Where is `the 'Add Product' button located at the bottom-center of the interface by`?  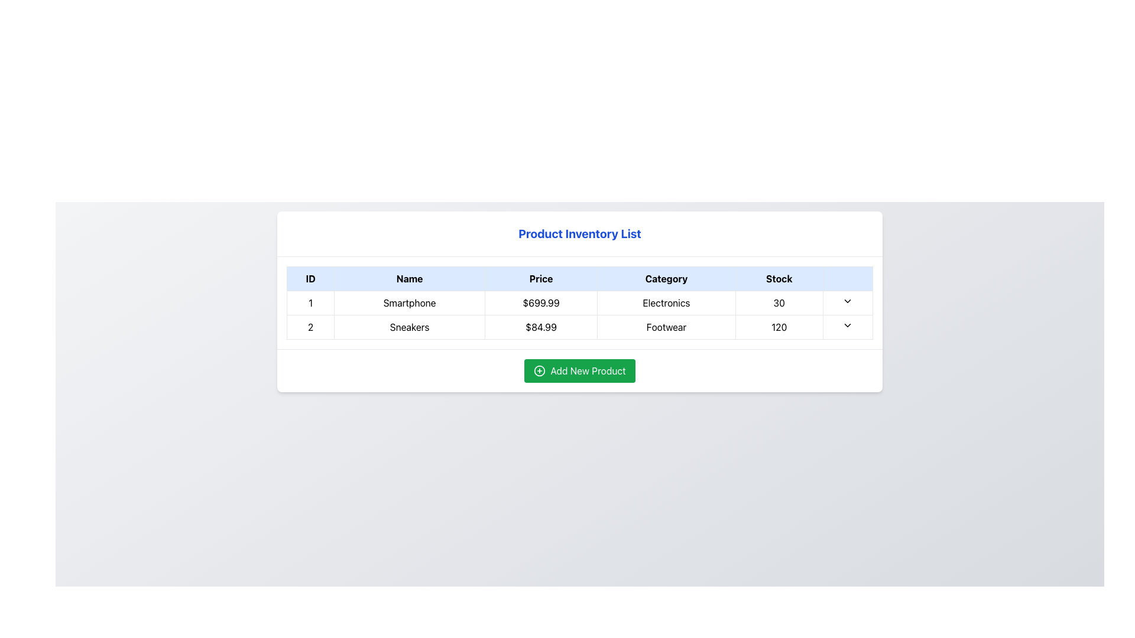
the 'Add Product' button located at the bottom-center of the interface by is located at coordinates (579, 370).